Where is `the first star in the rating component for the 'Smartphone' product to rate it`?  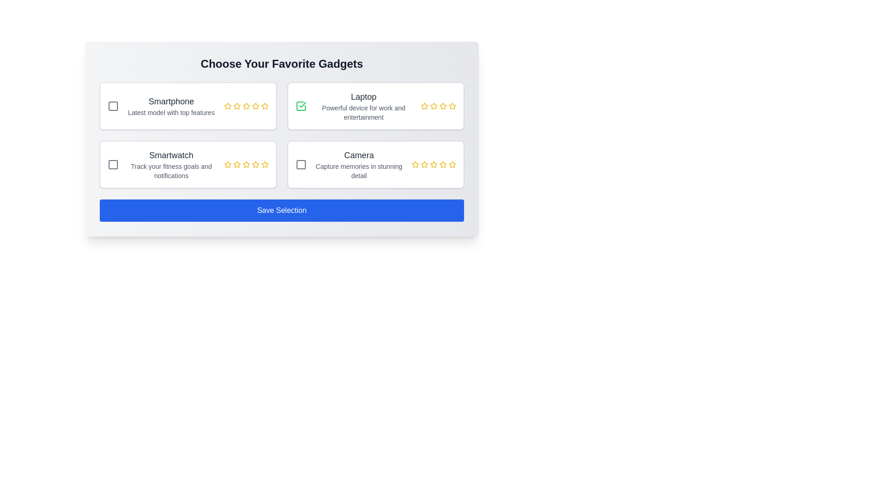 the first star in the rating component for the 'Smartphone' product to rate it is located at coordinates (227, 105).